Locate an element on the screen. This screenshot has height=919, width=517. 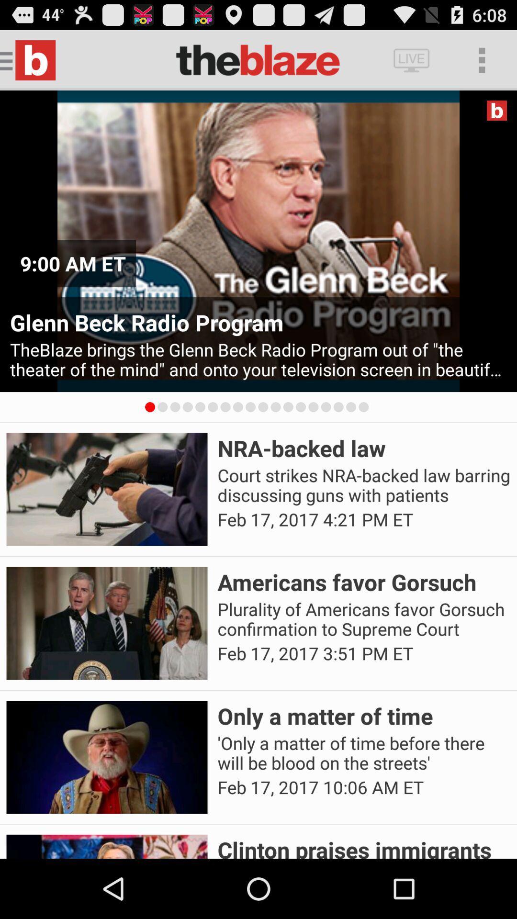
the item above feb 17 2017 is located at coordinates (364, 485).